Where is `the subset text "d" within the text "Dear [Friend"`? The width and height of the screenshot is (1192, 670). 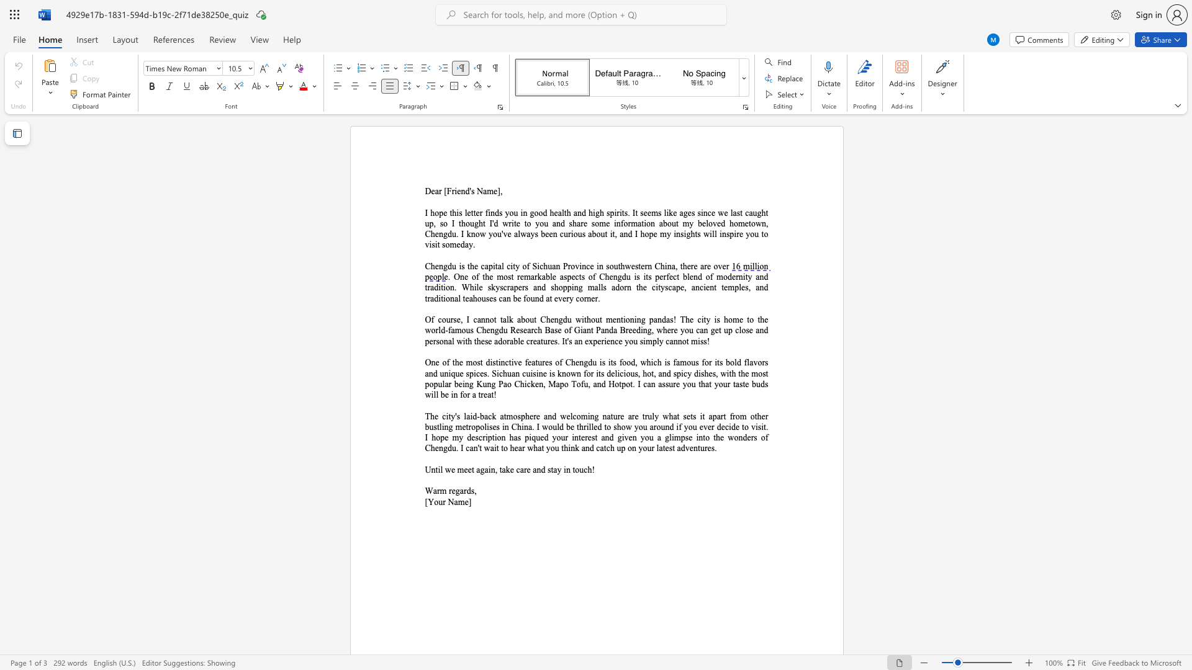 the subset text "d" within the text "Dear [Friend" is located at coordinates (464, 191).